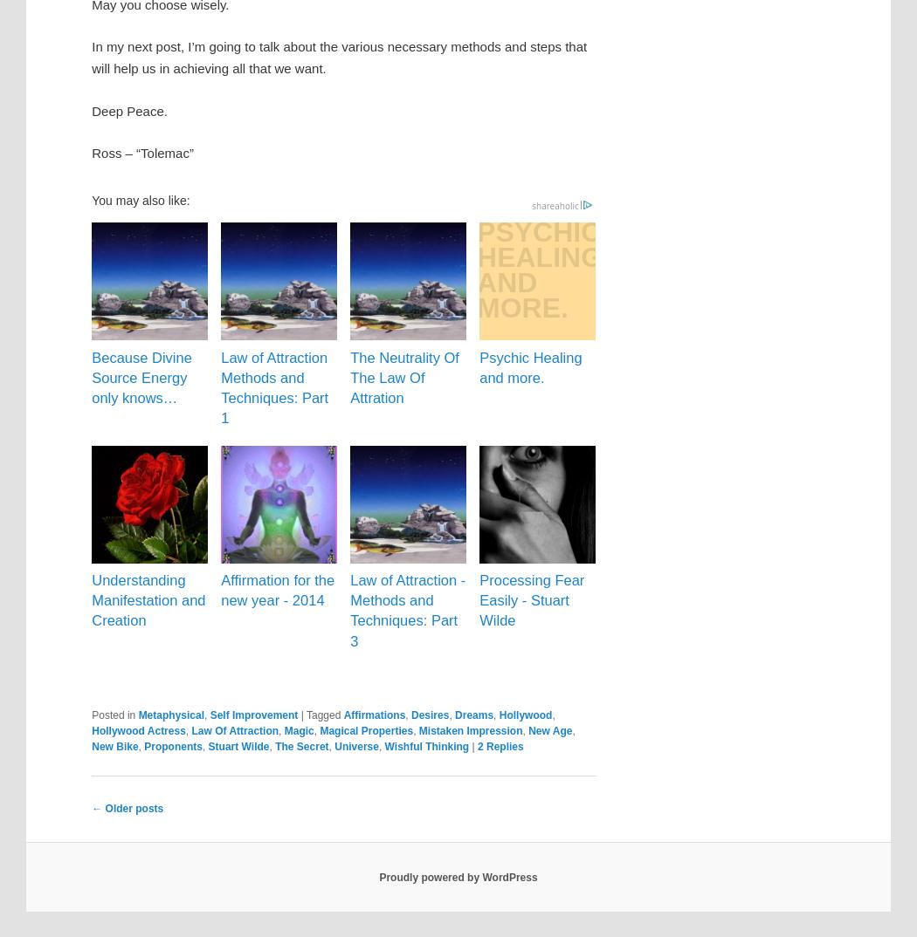 Image resolution: width=917 pixels, height=937 pixels. I want to click on 'Metaphysical', so click(170, 715).